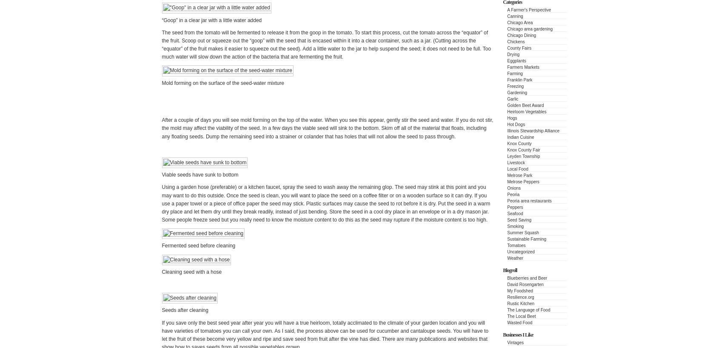 Image resolution: width=721 pixels, height=348 pixels. Describe the element at coordinates (512, 98) in the screenshot. I see `'Garlic'` at that location.